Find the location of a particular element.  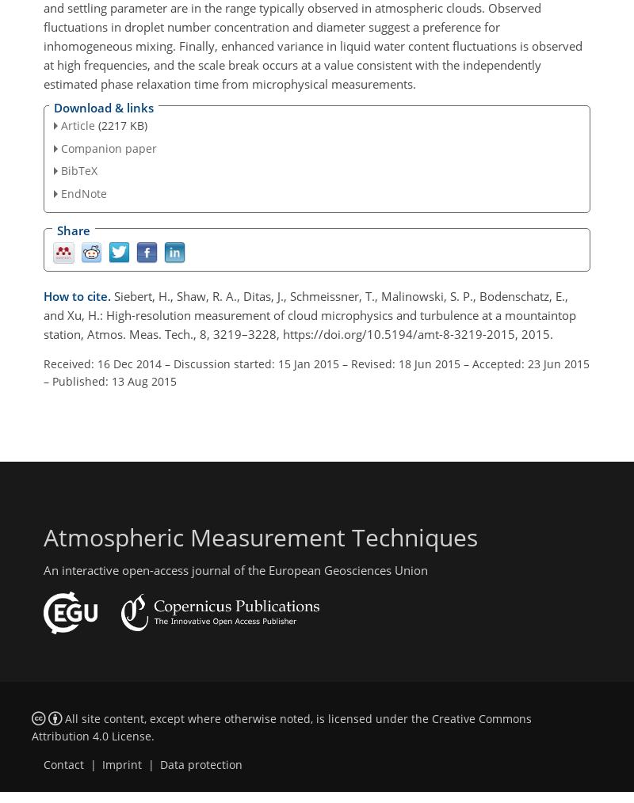

'Download & links' is located at coordinates (103, 106).